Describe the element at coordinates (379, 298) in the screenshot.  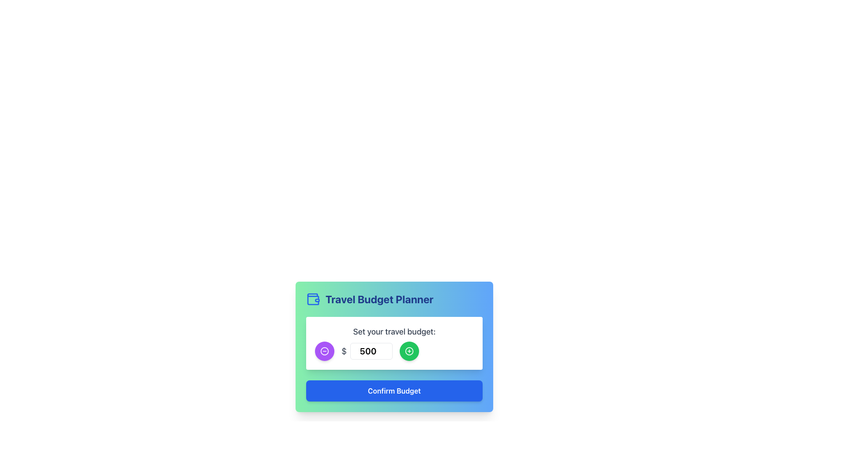
I see `the text label that serves as the title for the travel budget planning tool, which is centrally positioned near the upper area of a rectangular panel, to the right of a wallet icon` at that location.